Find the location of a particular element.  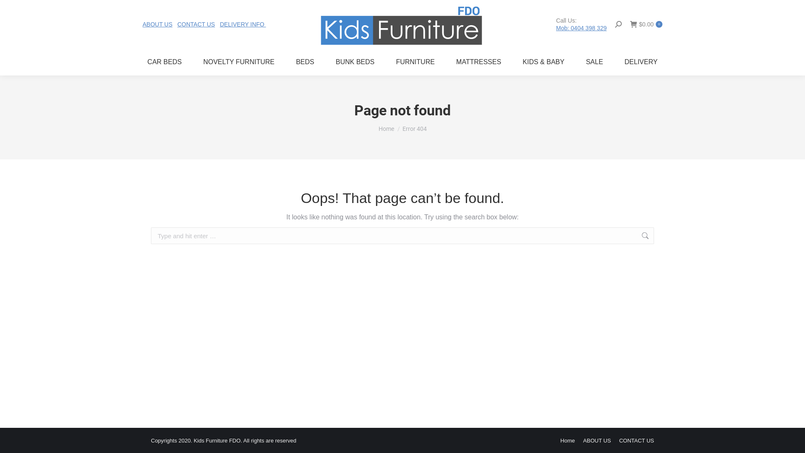

'KIDS & BABY' is located at coordinates (543, 61).